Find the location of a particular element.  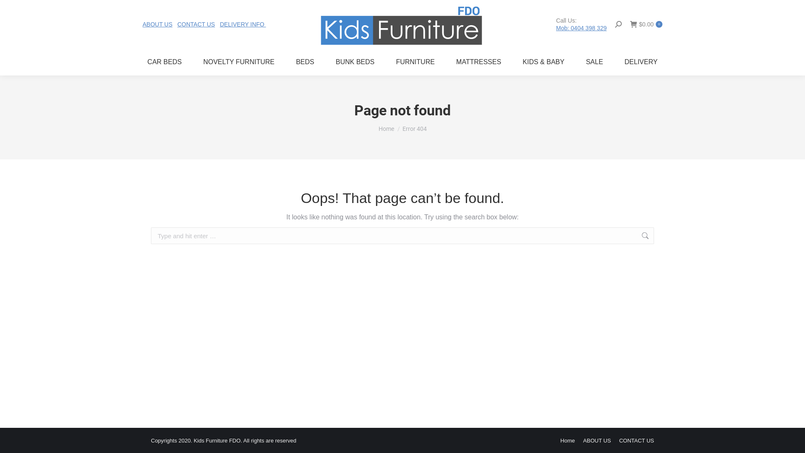

'KIDS & BABY' is located at coordinates (543, 61).